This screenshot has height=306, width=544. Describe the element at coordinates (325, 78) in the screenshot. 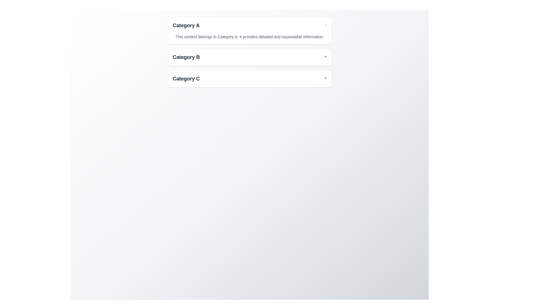

I see `the '+' button for 'Category C'` at that location.